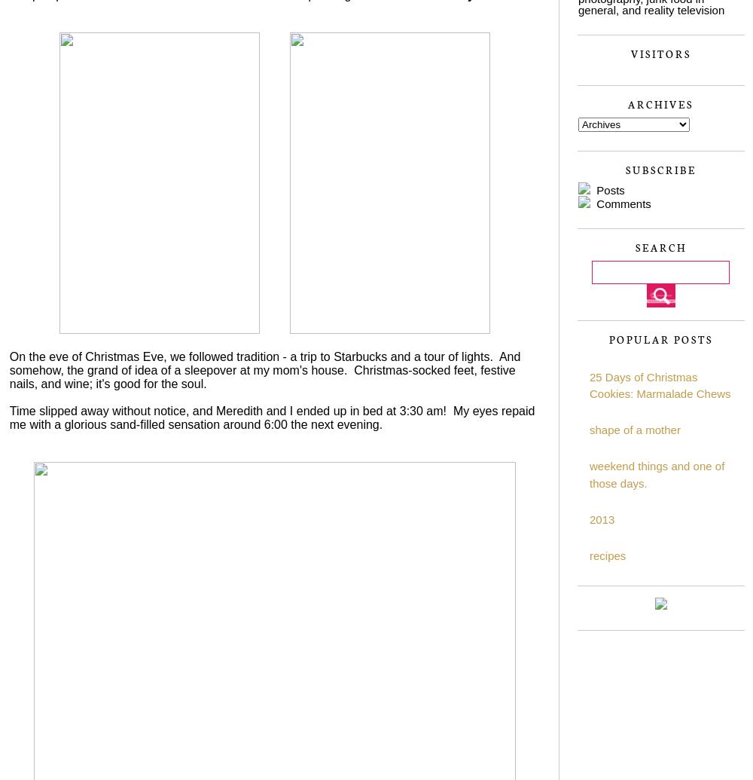  I want to click on 'weekend things and one of those days.', so click(656, 473).